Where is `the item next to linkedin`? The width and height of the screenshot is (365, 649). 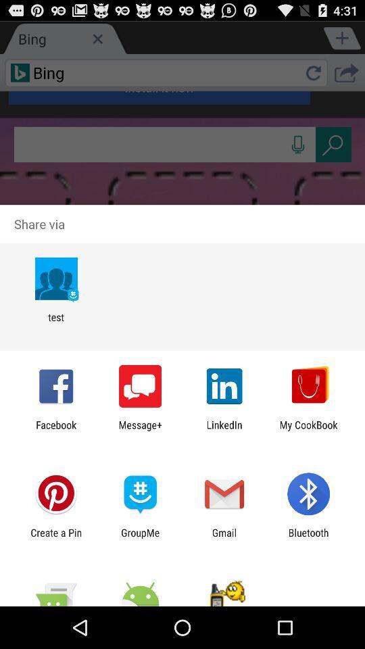
the item next to linkedin is located at coordinates (308, 430).